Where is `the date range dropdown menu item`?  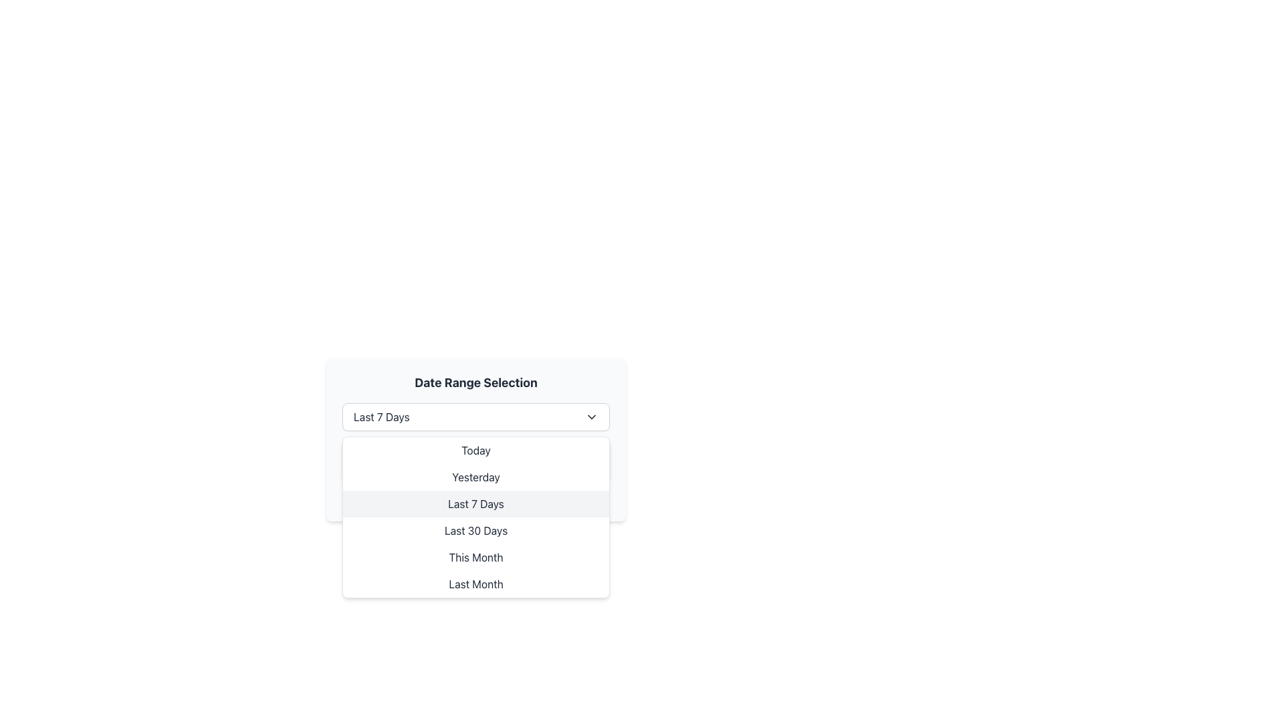
the date range dropdown menu item is located at coordinates (475, 509).